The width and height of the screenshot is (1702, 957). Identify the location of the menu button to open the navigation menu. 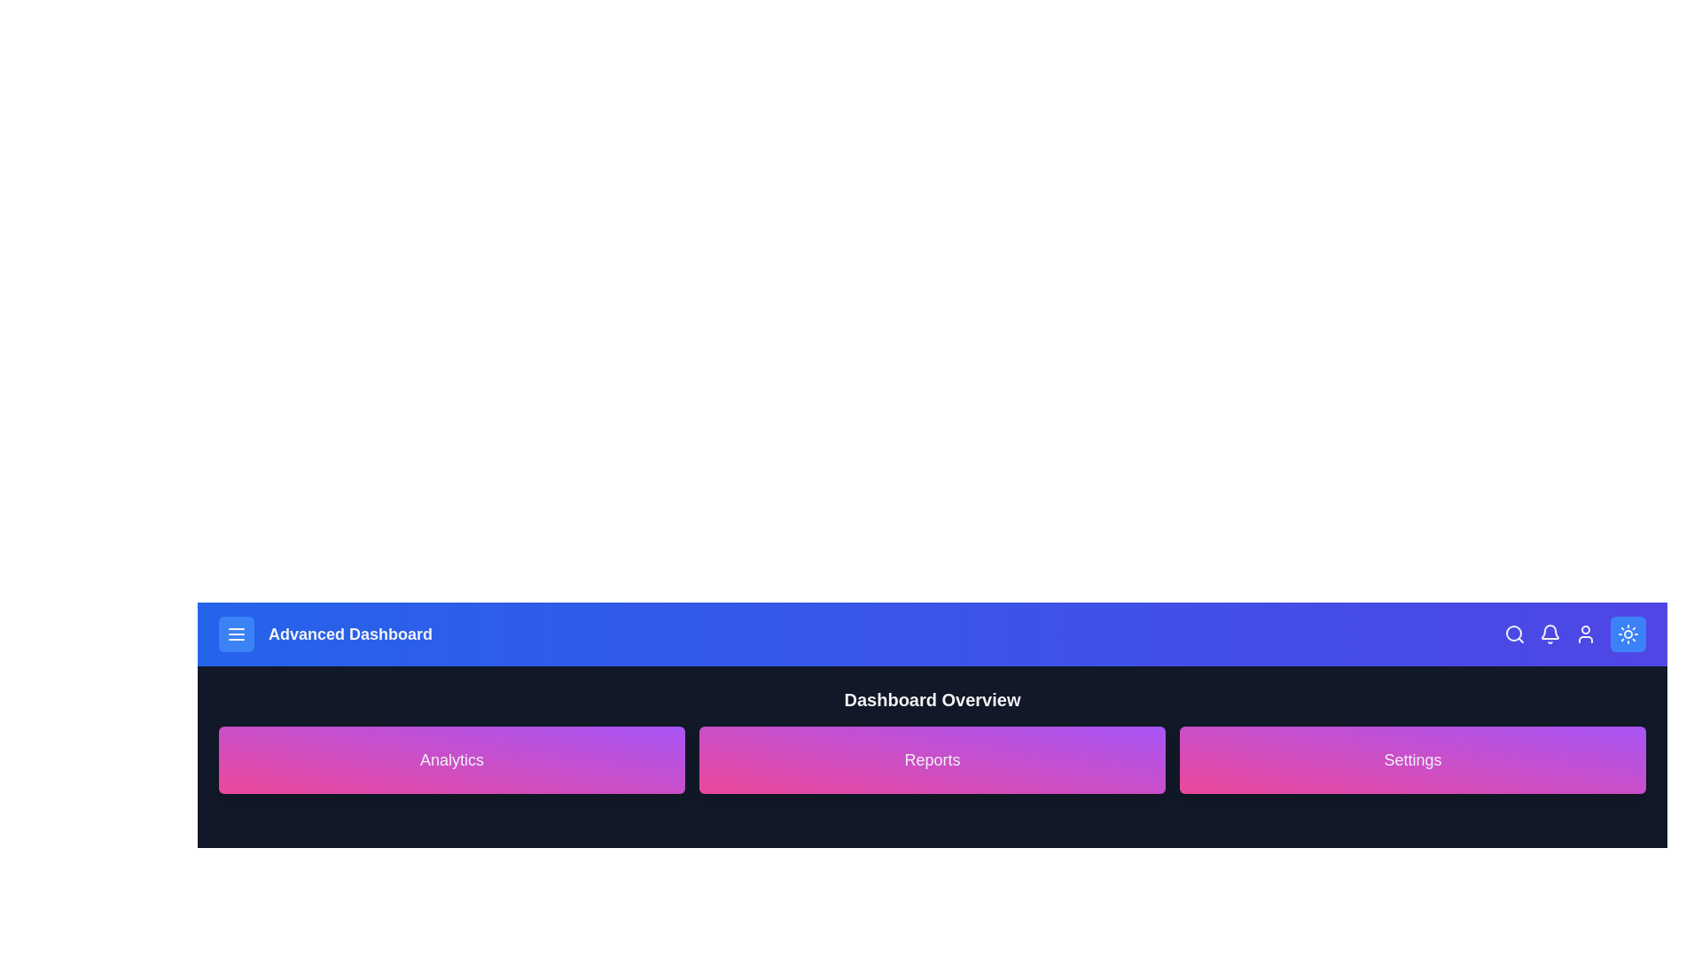
(236, 634).